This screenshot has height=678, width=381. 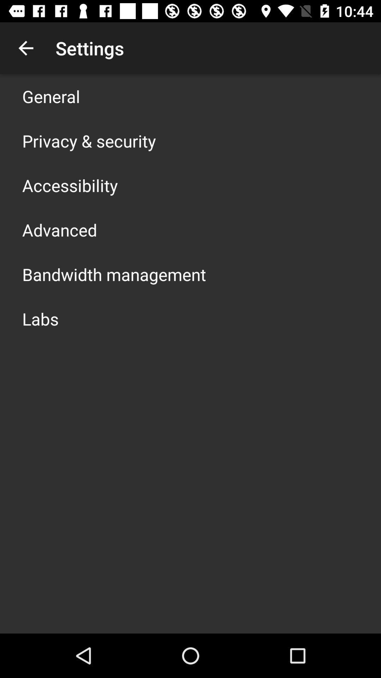 What do you see at coordinates (70, 185) in the screenshot?
I see `the app above the advanced icon` at bounding box center [70, 185].